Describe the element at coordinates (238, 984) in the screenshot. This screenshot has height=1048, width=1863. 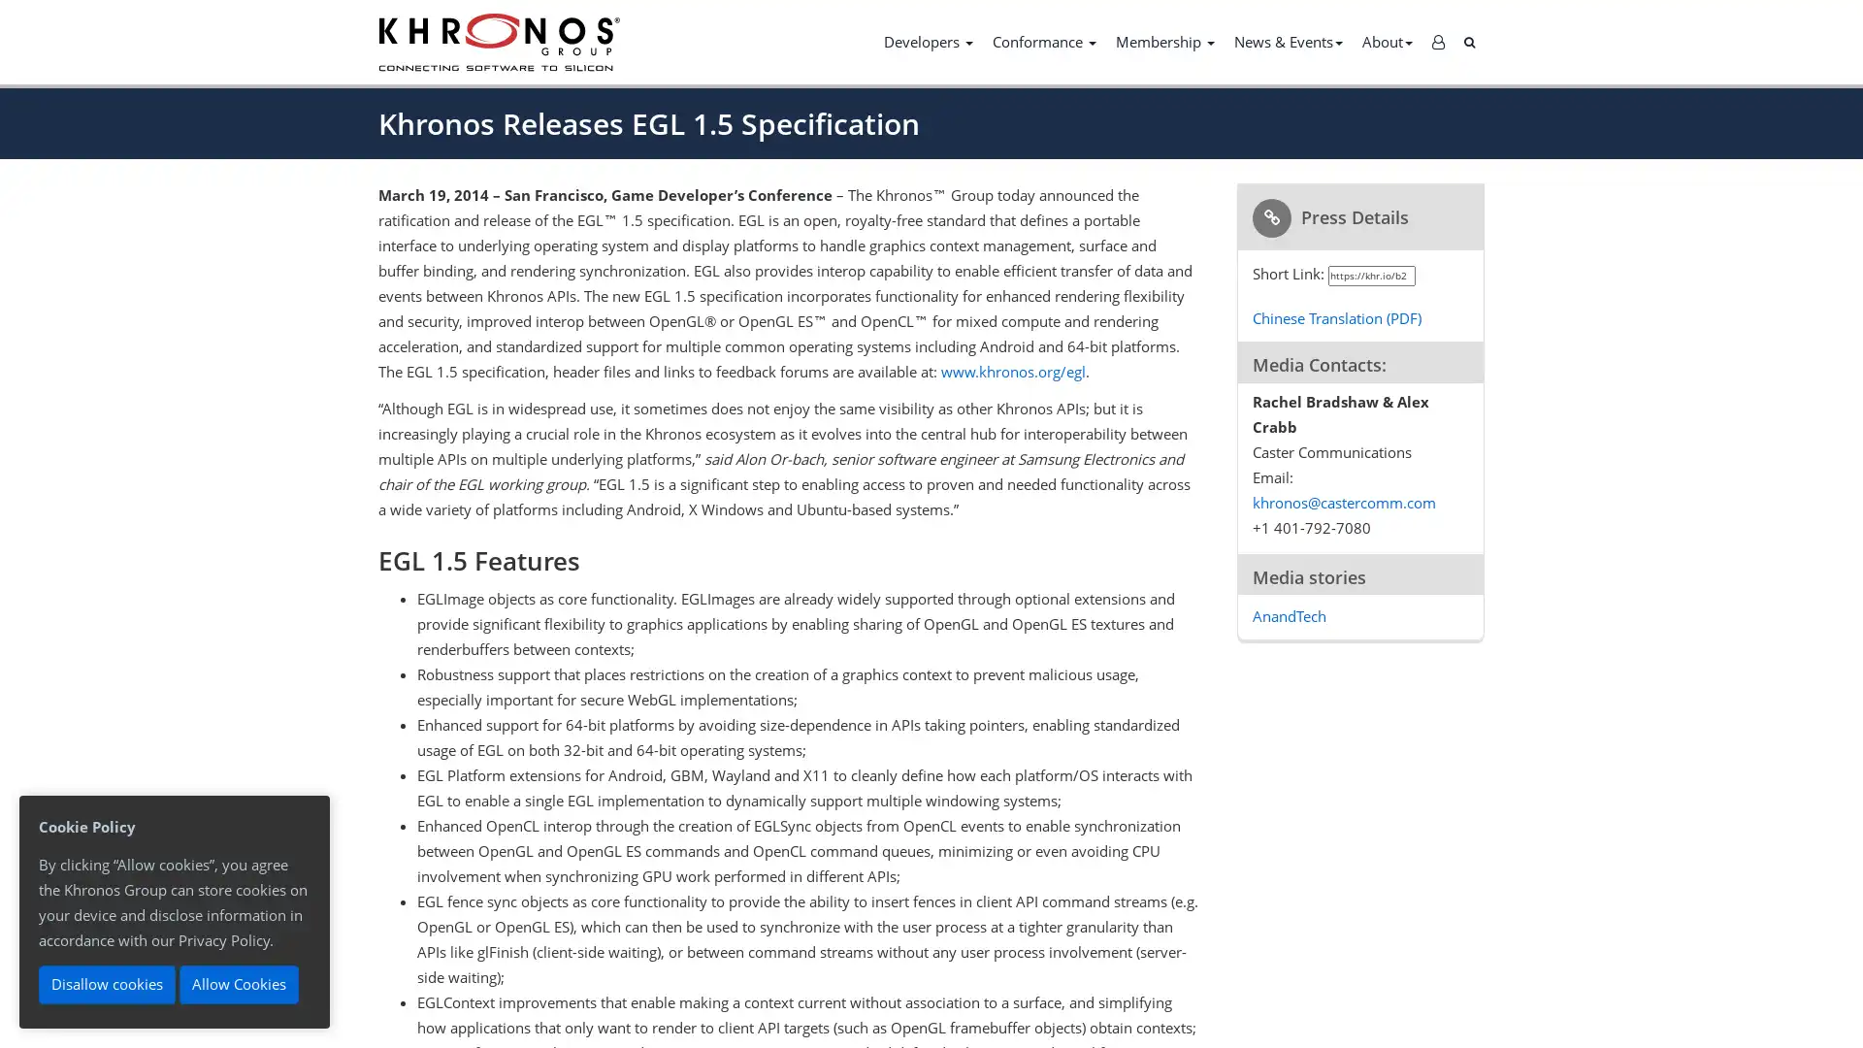
I see `Allow Cookies` at that location.